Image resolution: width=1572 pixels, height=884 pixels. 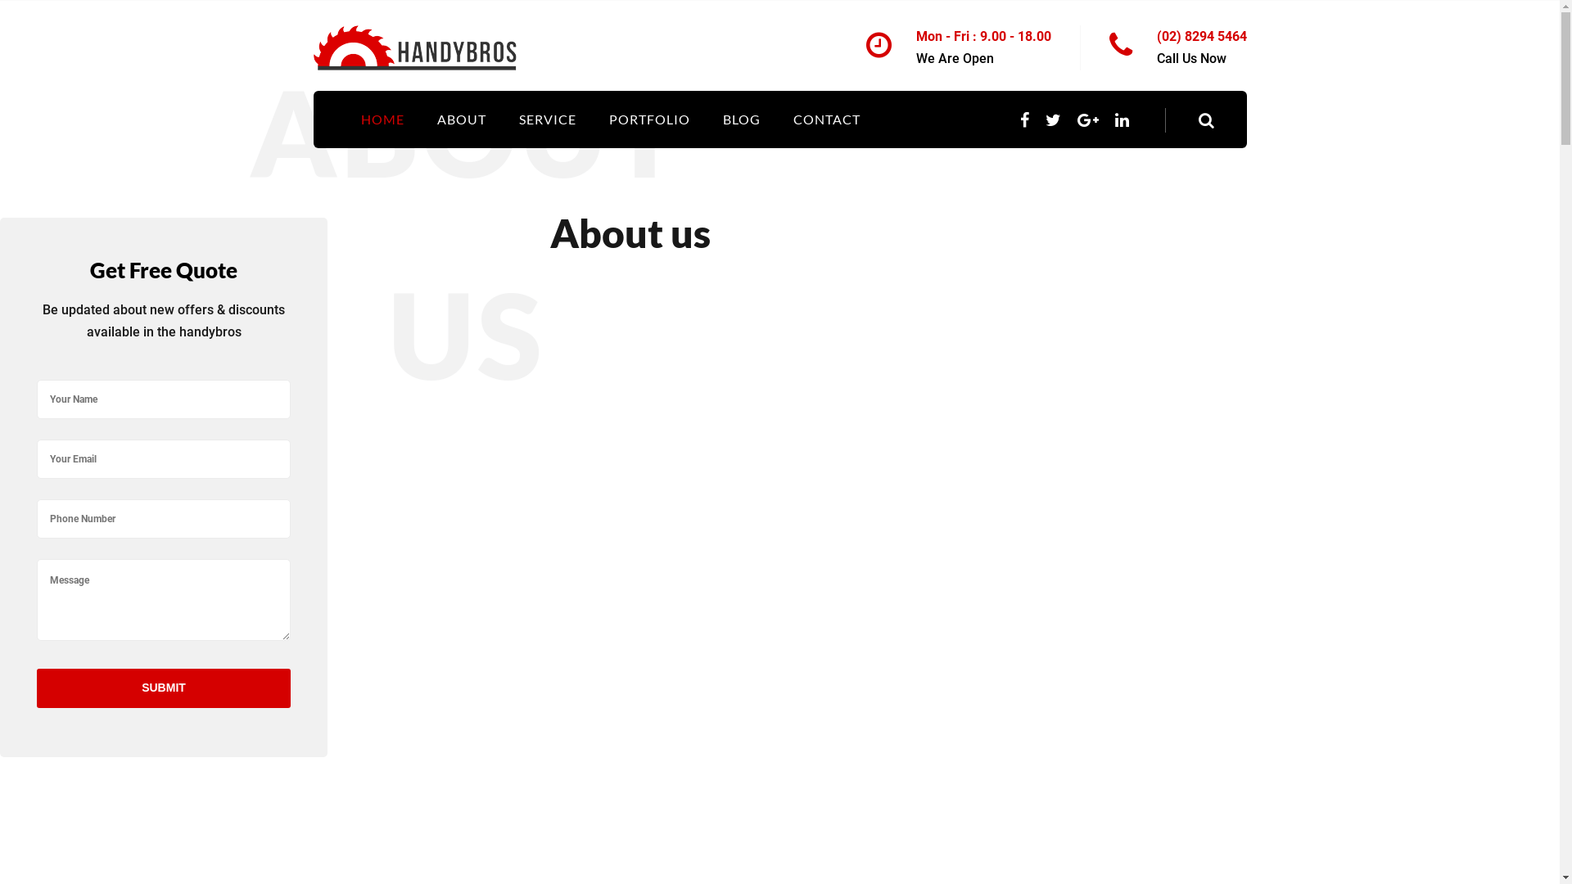 What do you see at coordinates (825, 119) in the screenshot?
I see `'CONTACT'` at bounding box center [825, 119].